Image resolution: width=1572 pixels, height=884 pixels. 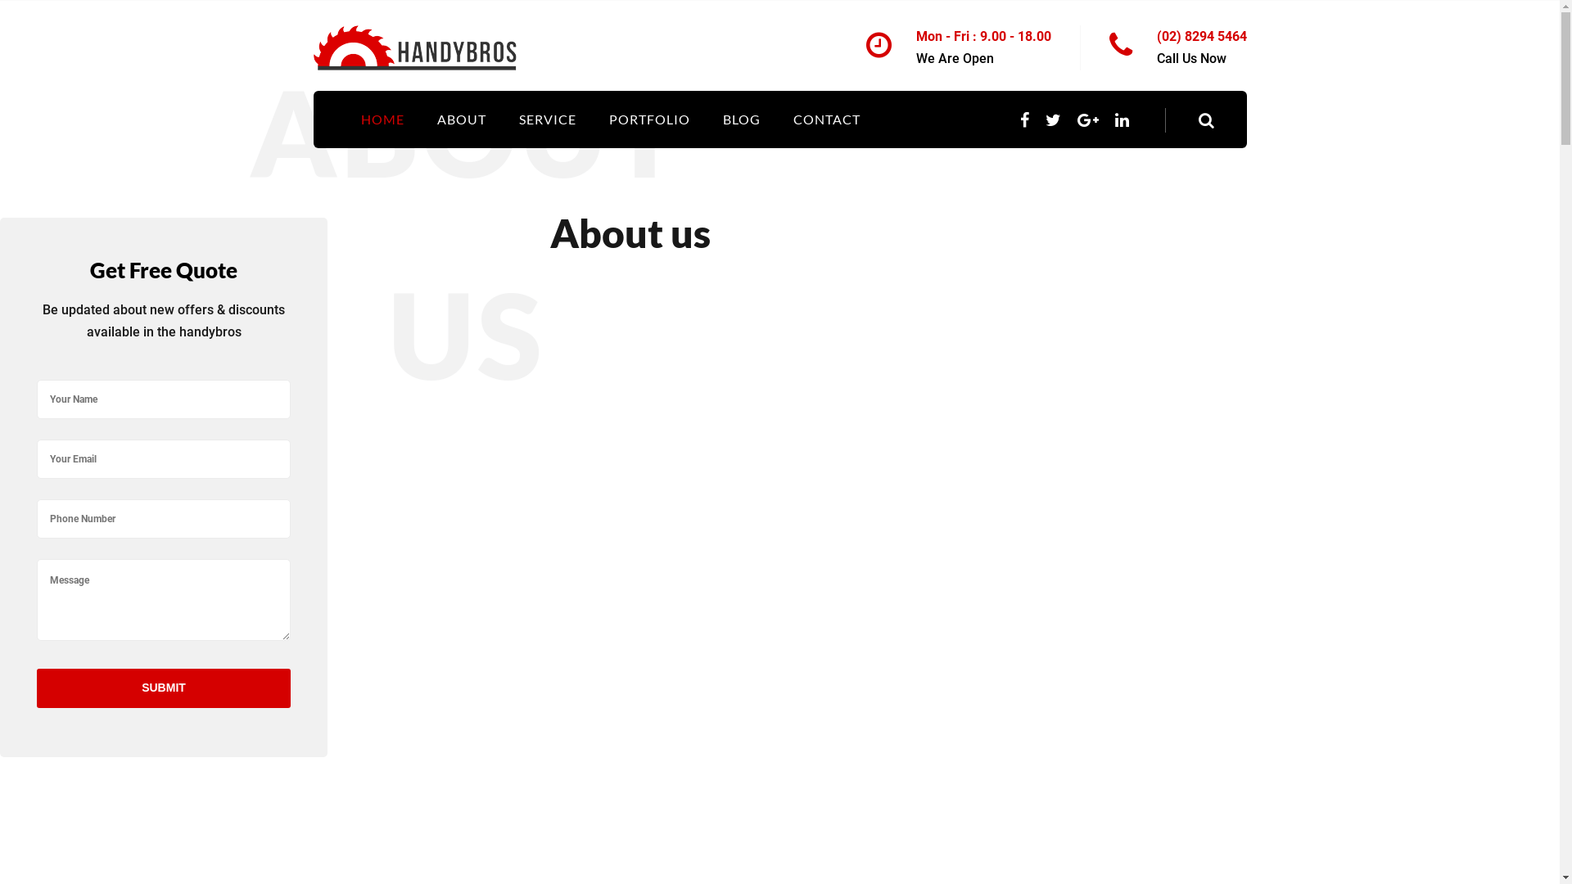 What do you see at coordinates (825, 119) in the screenshot?
I see `'CONTACT'` at bounding box center [825, 119].